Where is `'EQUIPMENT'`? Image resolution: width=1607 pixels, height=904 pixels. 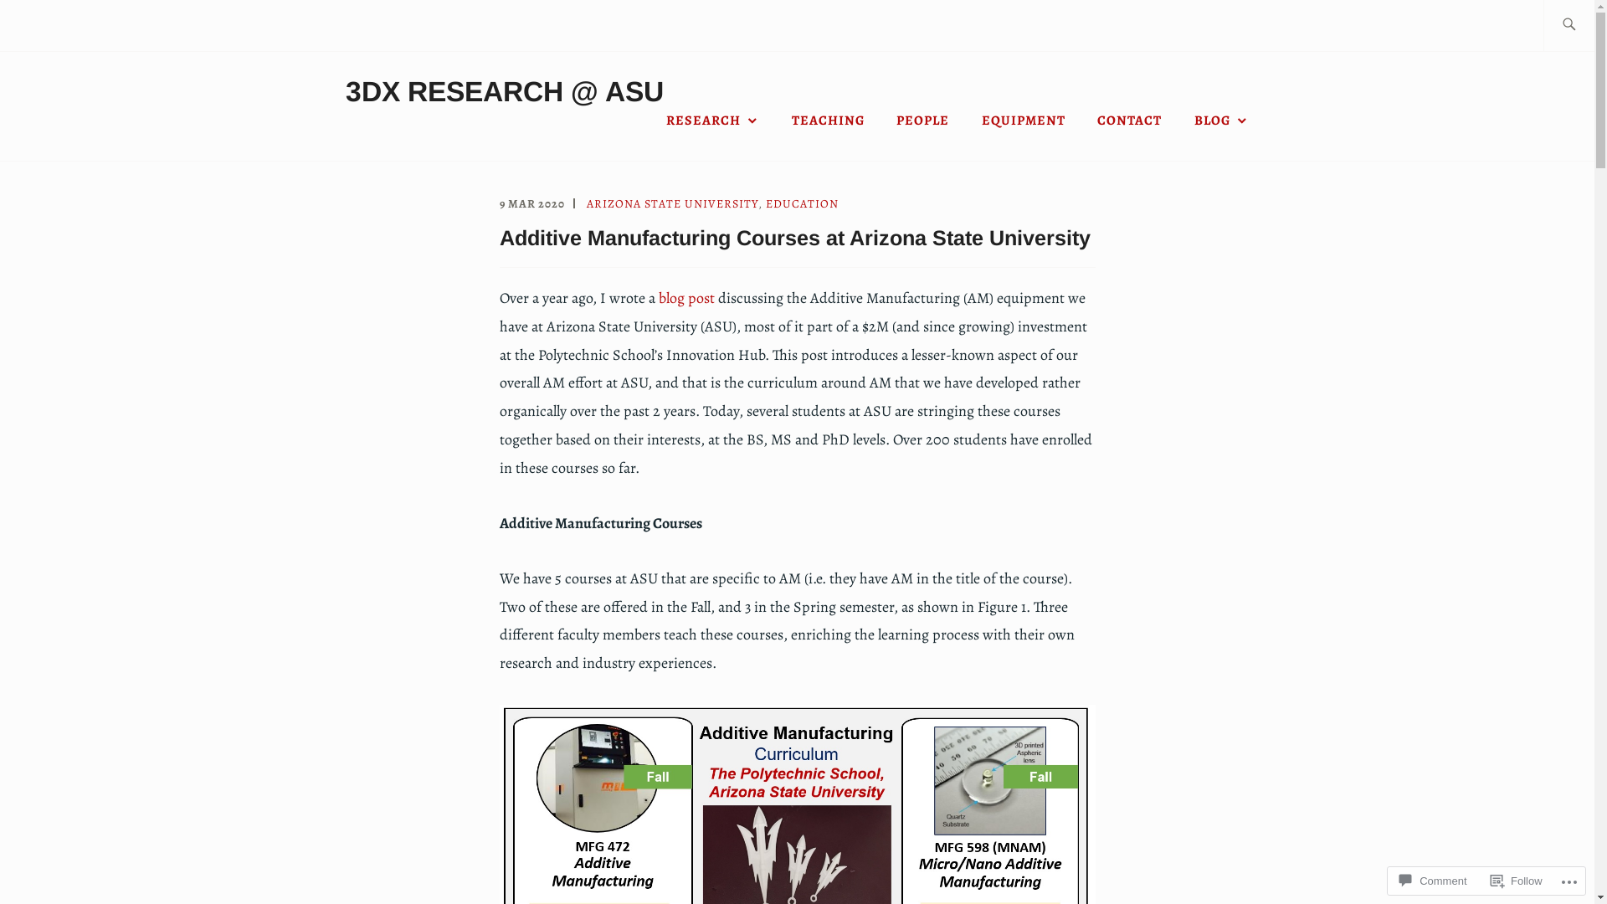
'EQUIPMENT' is located at coordinates (1023, 119).